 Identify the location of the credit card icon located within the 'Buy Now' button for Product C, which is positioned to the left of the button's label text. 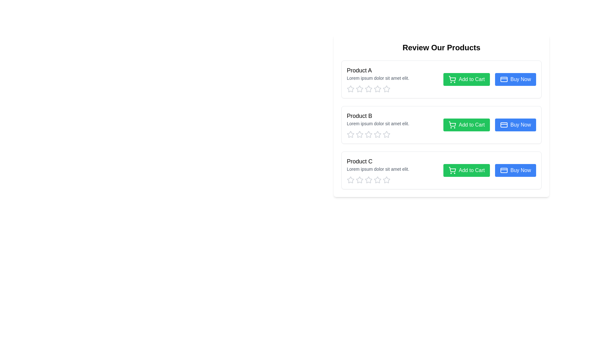
(503, 170).